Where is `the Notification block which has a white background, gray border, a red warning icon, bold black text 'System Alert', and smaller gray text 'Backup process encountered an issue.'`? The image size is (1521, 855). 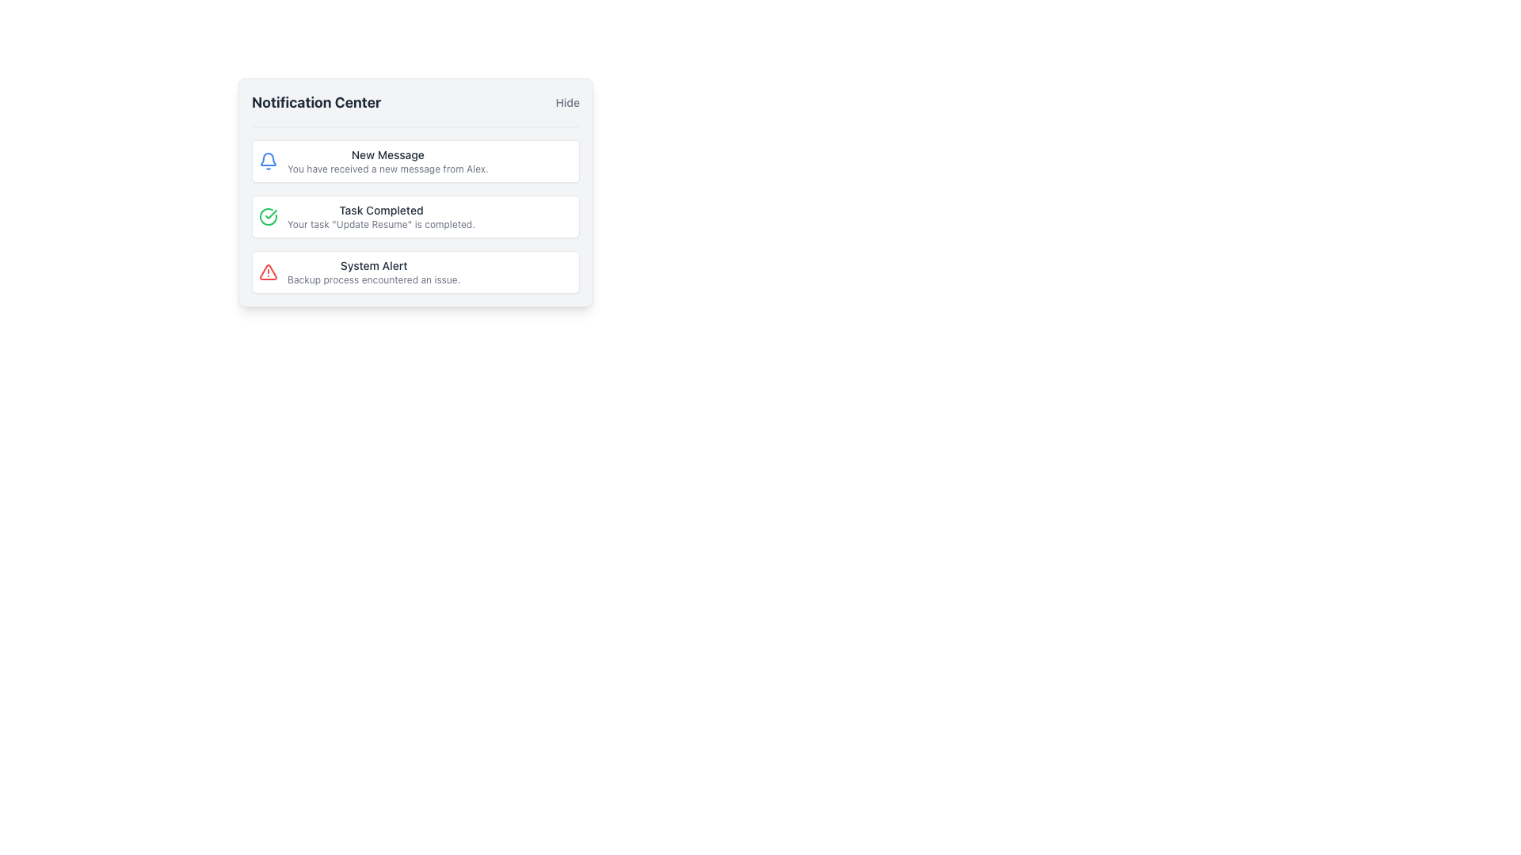 the Notification block which has a white background, gray border, a red warning icon, bold black text 'System Alert', and smaller gray text 'Backup process encountered an issue.' is located at coordinates (415, 271).